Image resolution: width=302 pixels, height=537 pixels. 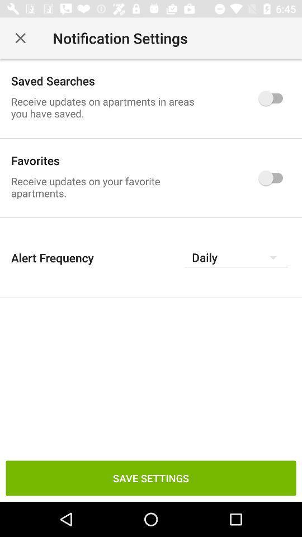 I want to click on favorites option, so click(x=273, y=178).